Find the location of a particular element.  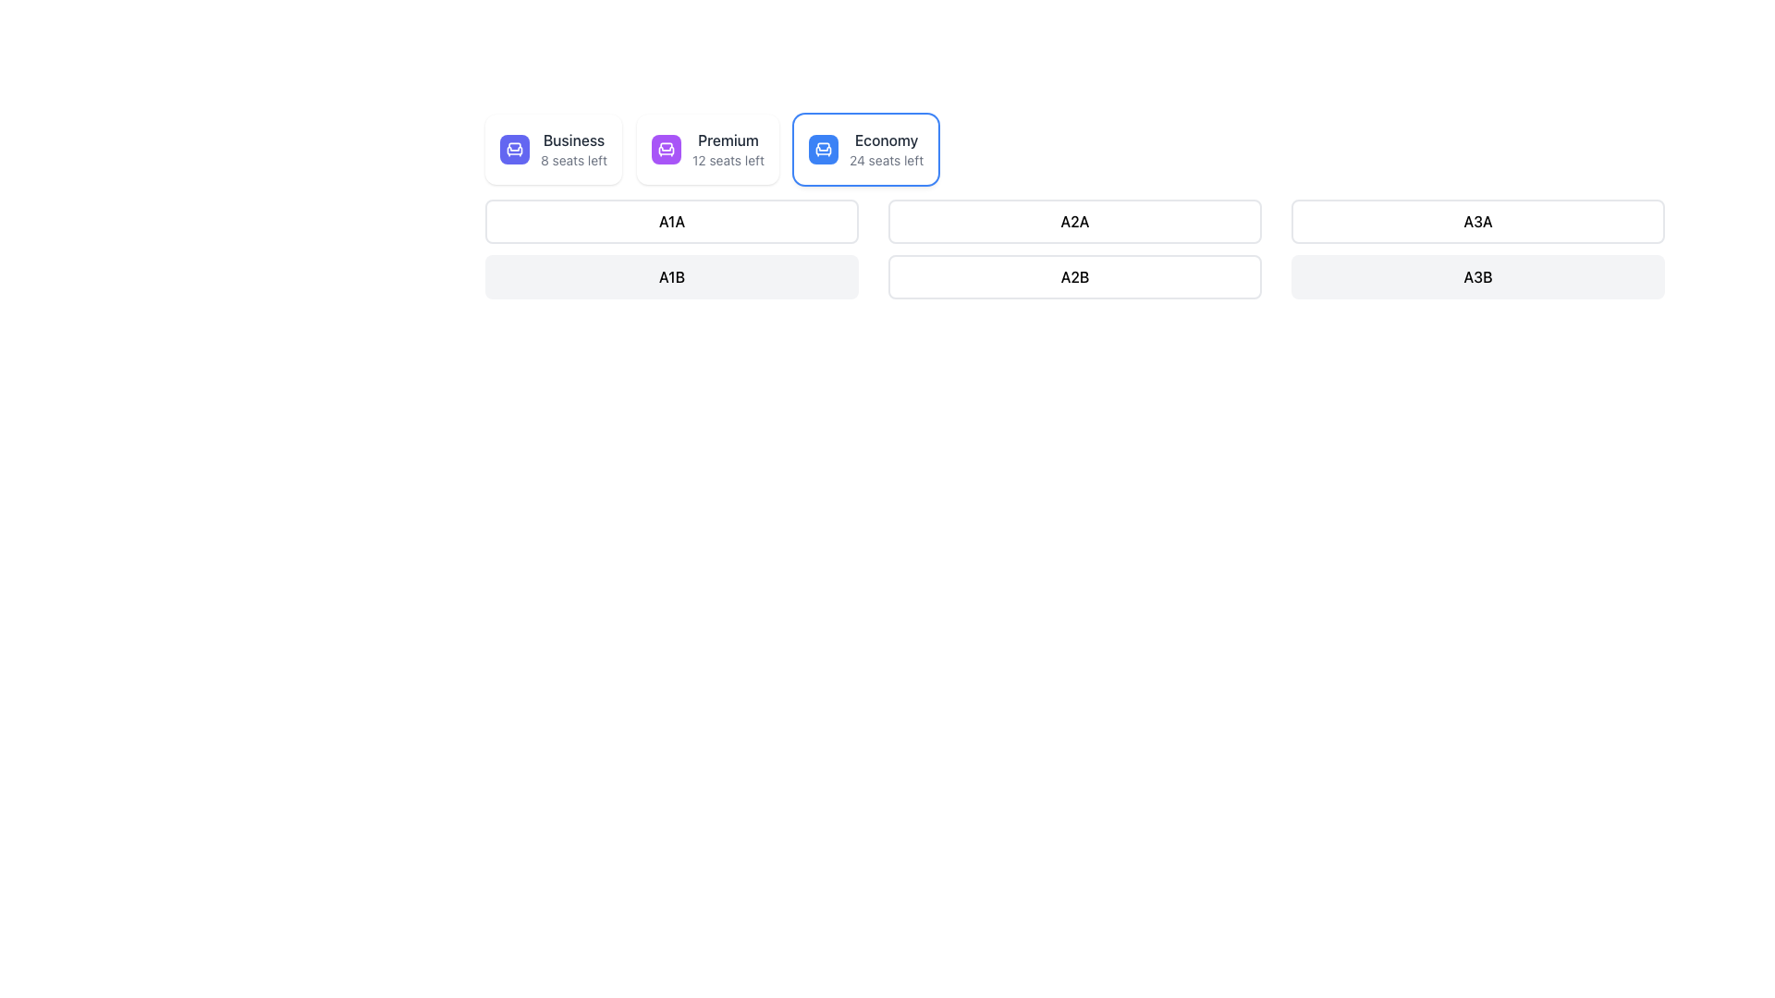

the armchair icon with white strokes inside a rounded indigo background is located at coordinates (514, 149).